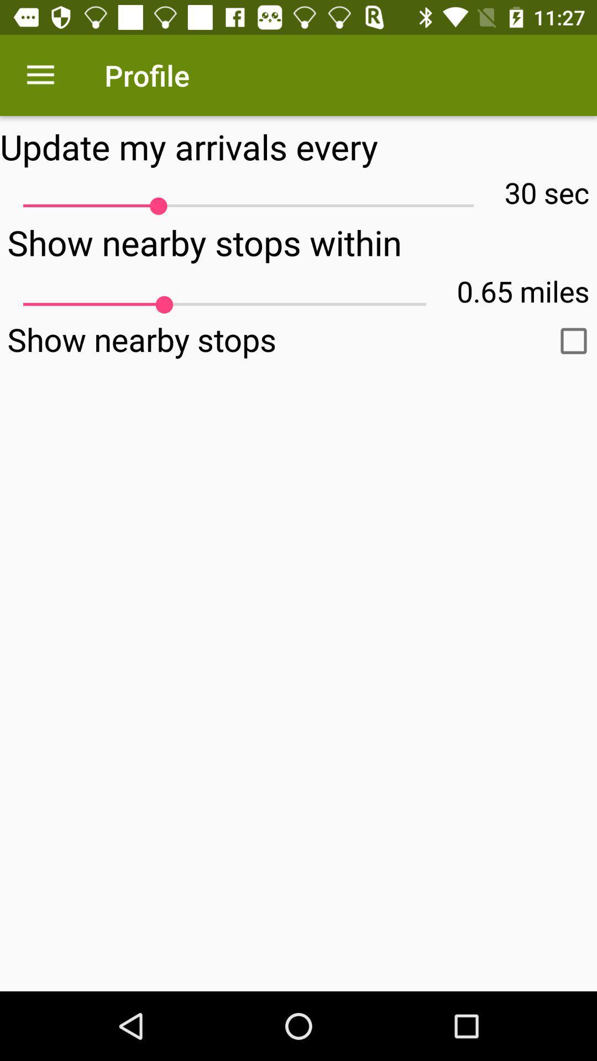  I want to click on show nearby stops, so click(573, 340).